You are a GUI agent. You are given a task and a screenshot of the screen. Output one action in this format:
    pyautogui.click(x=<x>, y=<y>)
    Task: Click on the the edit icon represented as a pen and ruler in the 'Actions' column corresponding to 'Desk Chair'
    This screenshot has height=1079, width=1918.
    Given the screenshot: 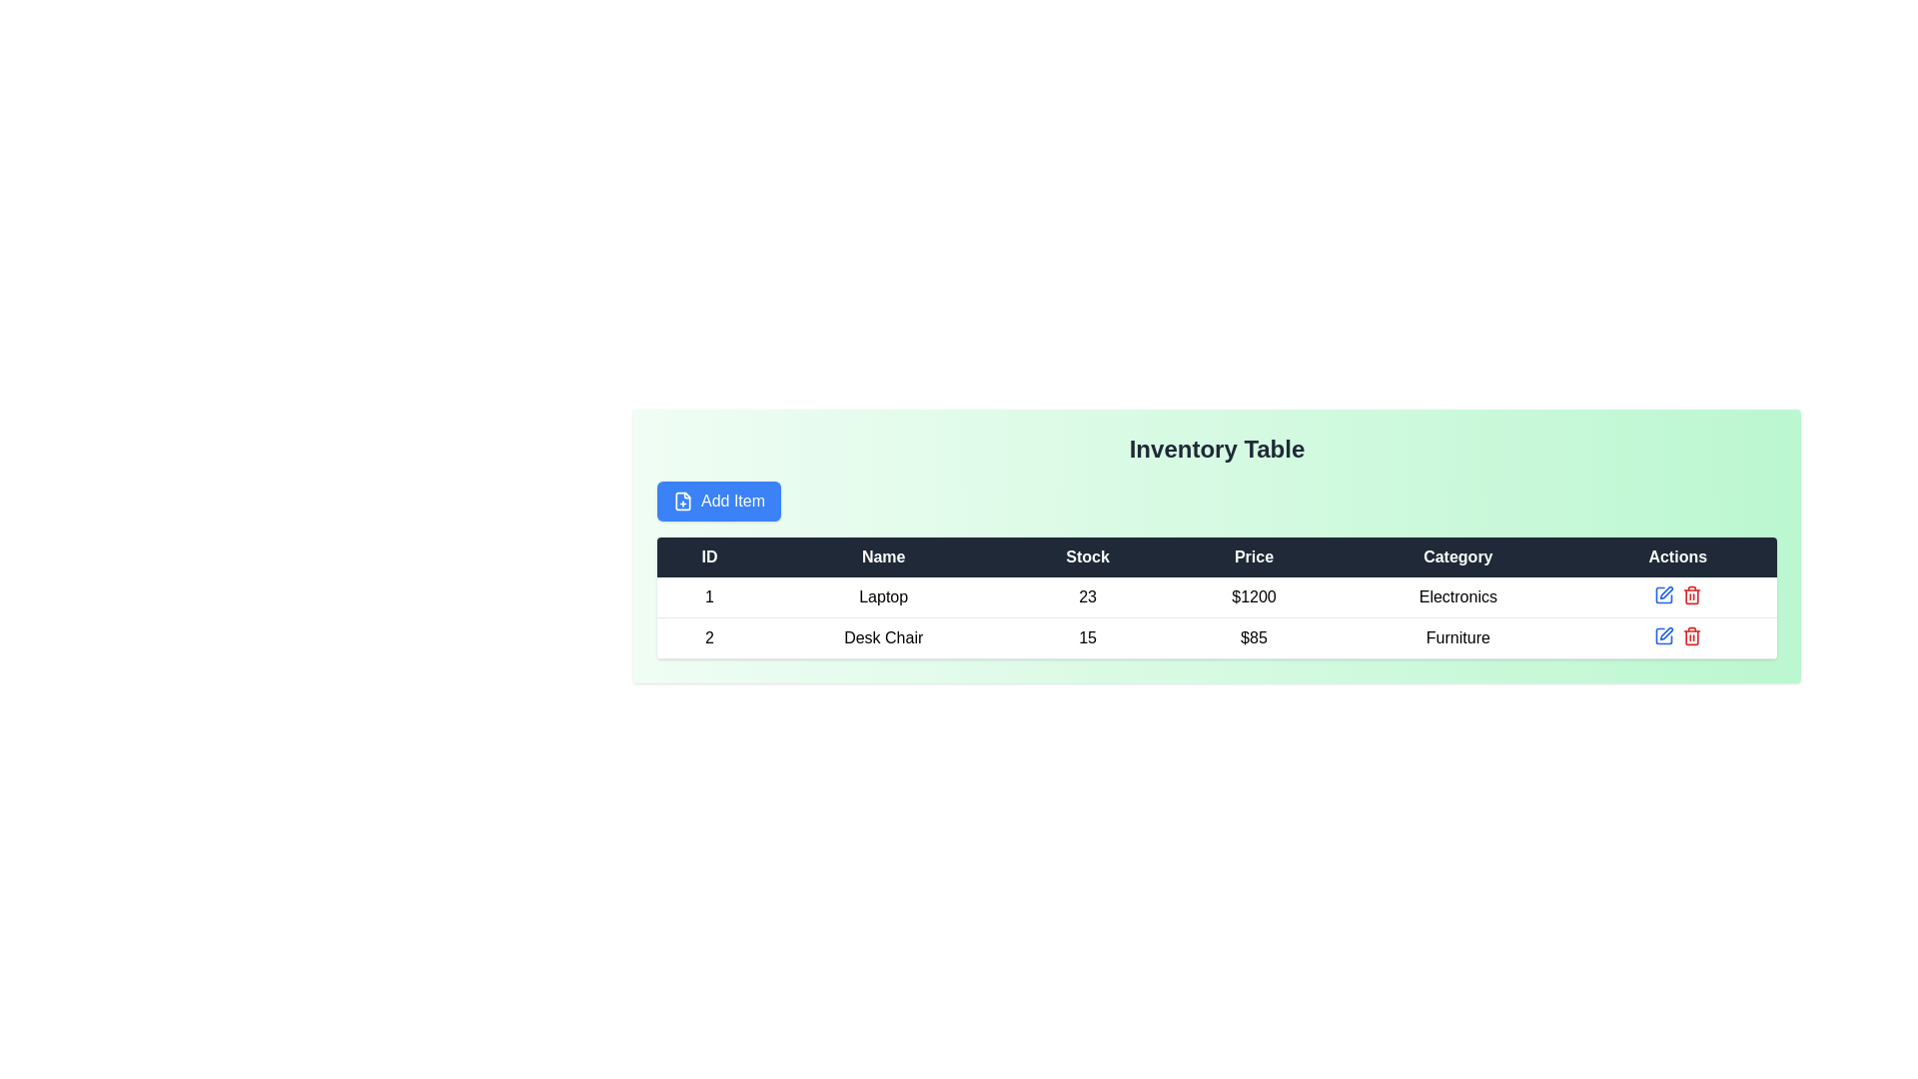 What is the action you would take?
    pyautogui.click(x=1666, y=633)
    